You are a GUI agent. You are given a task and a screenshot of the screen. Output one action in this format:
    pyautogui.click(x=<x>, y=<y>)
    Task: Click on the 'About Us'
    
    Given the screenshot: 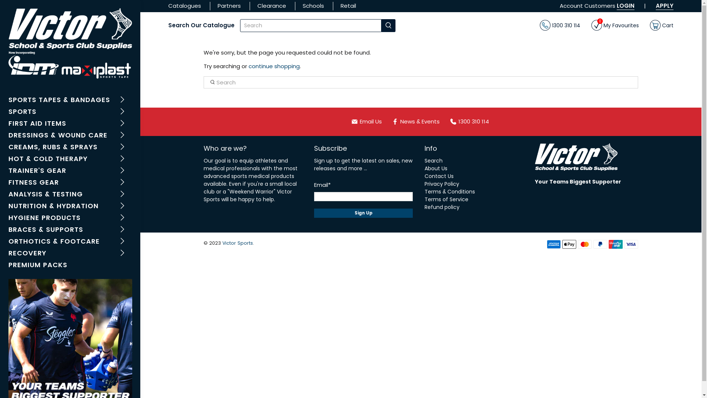 What is the action you would take?
    pyautogui.click(x=424, y=168)
    